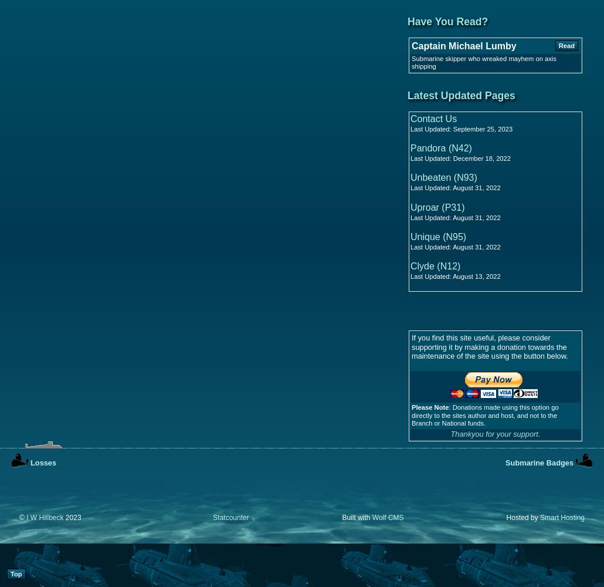  What do you see at coordinates (45, 518) in the screenshot?
I see `'I W Hillbeck'` at bounding box center [45, 518].